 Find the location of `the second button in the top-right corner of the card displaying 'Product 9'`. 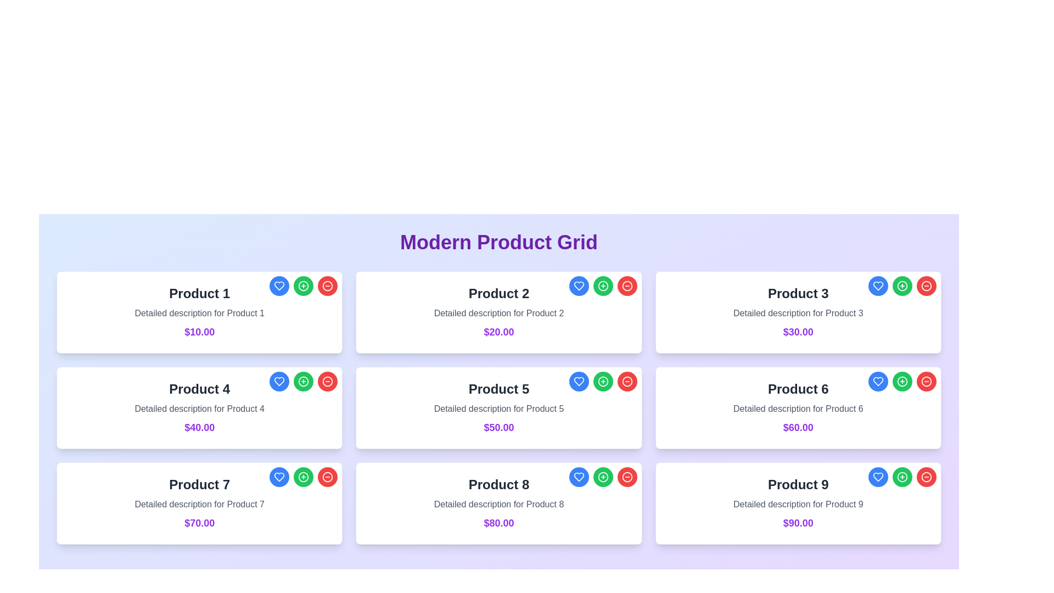

the second button in the top-right corner of the card displaying 'Product 9' is located at coordinates (902, 476).